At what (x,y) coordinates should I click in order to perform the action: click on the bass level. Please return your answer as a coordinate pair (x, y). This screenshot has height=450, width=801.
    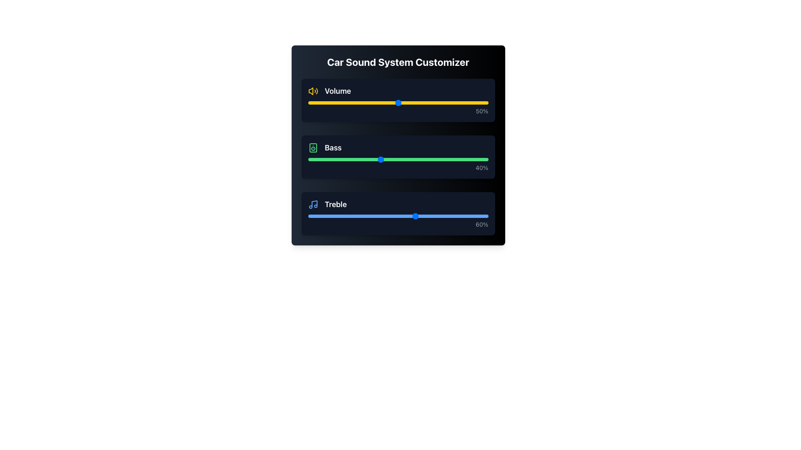
    Looking at the image, I should click on (353, 159).